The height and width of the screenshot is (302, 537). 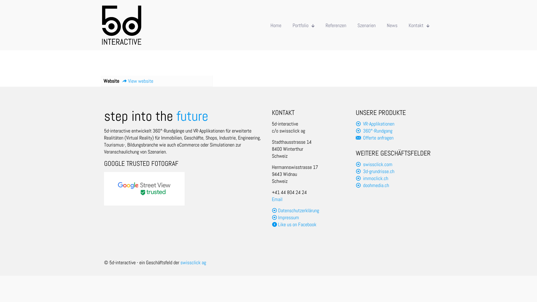 What do you see at coordinates (363, 138) in the screenshot?
I see `'Offerte anfragen'` at bounding box center [363, 138].